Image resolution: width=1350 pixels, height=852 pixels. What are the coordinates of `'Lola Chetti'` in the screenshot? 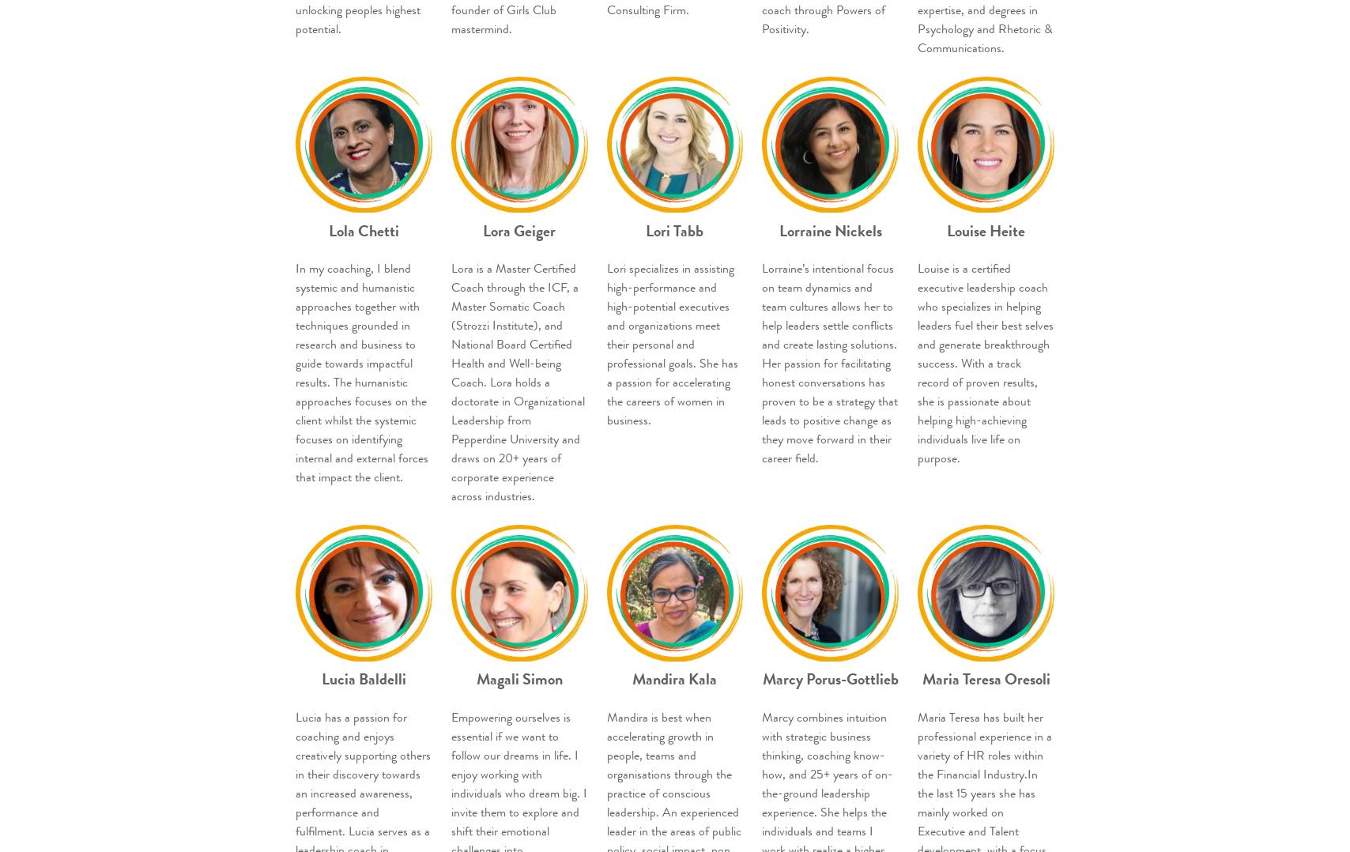 It's located at (363, 230).